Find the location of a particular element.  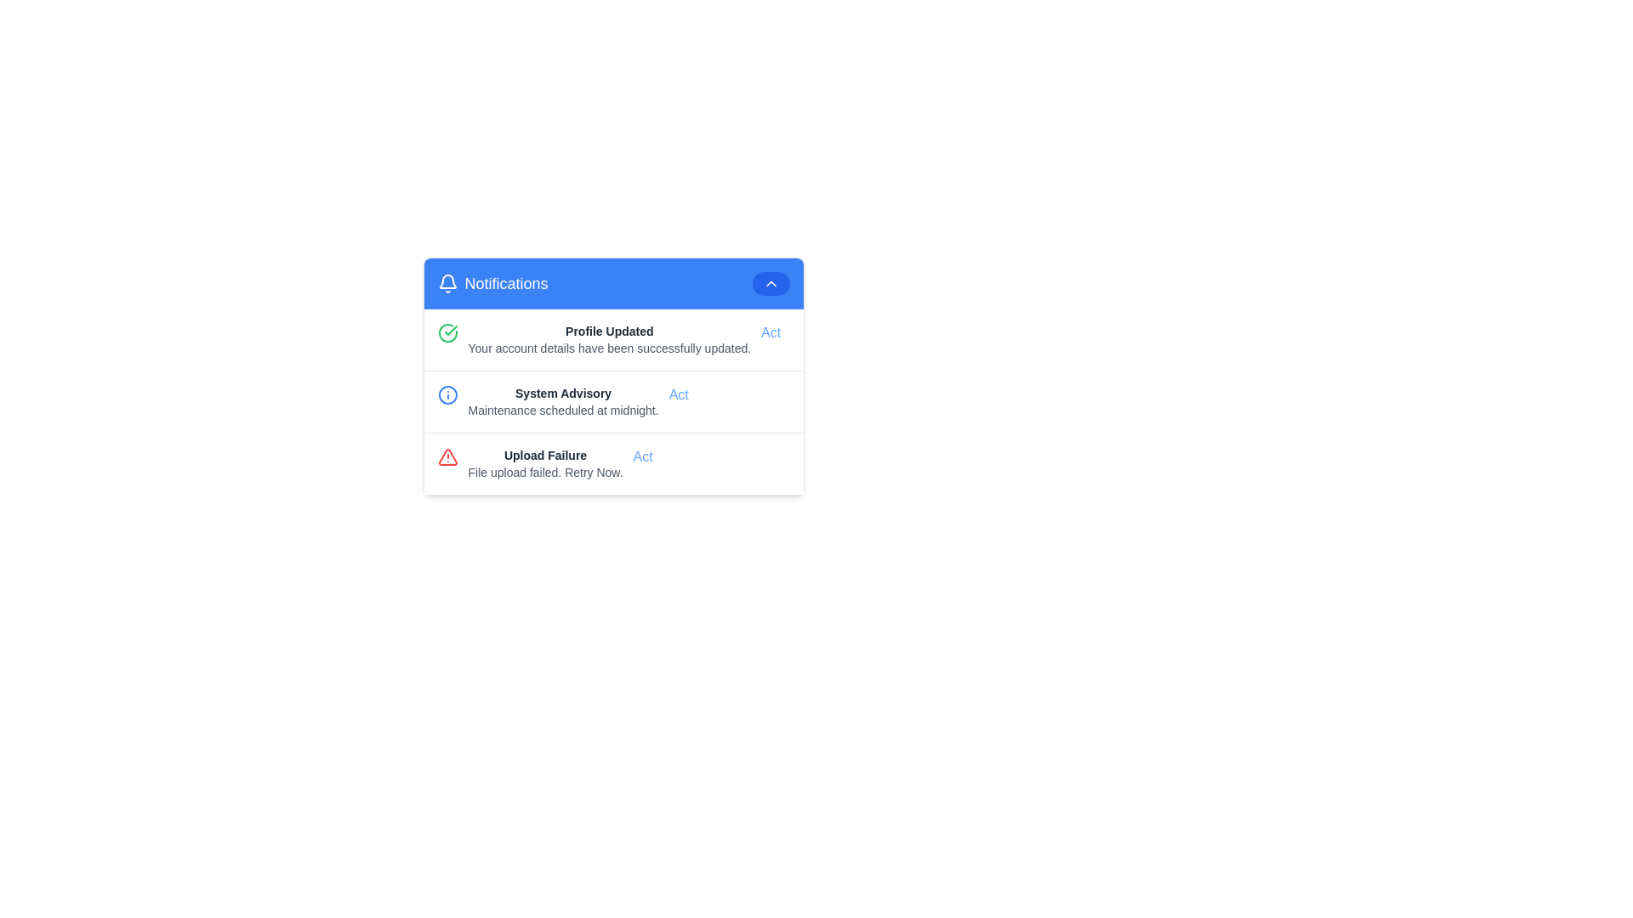

bold text label 'System Advisory' which is the title of the second notification in the card layout is located at coordinates (563, 393).